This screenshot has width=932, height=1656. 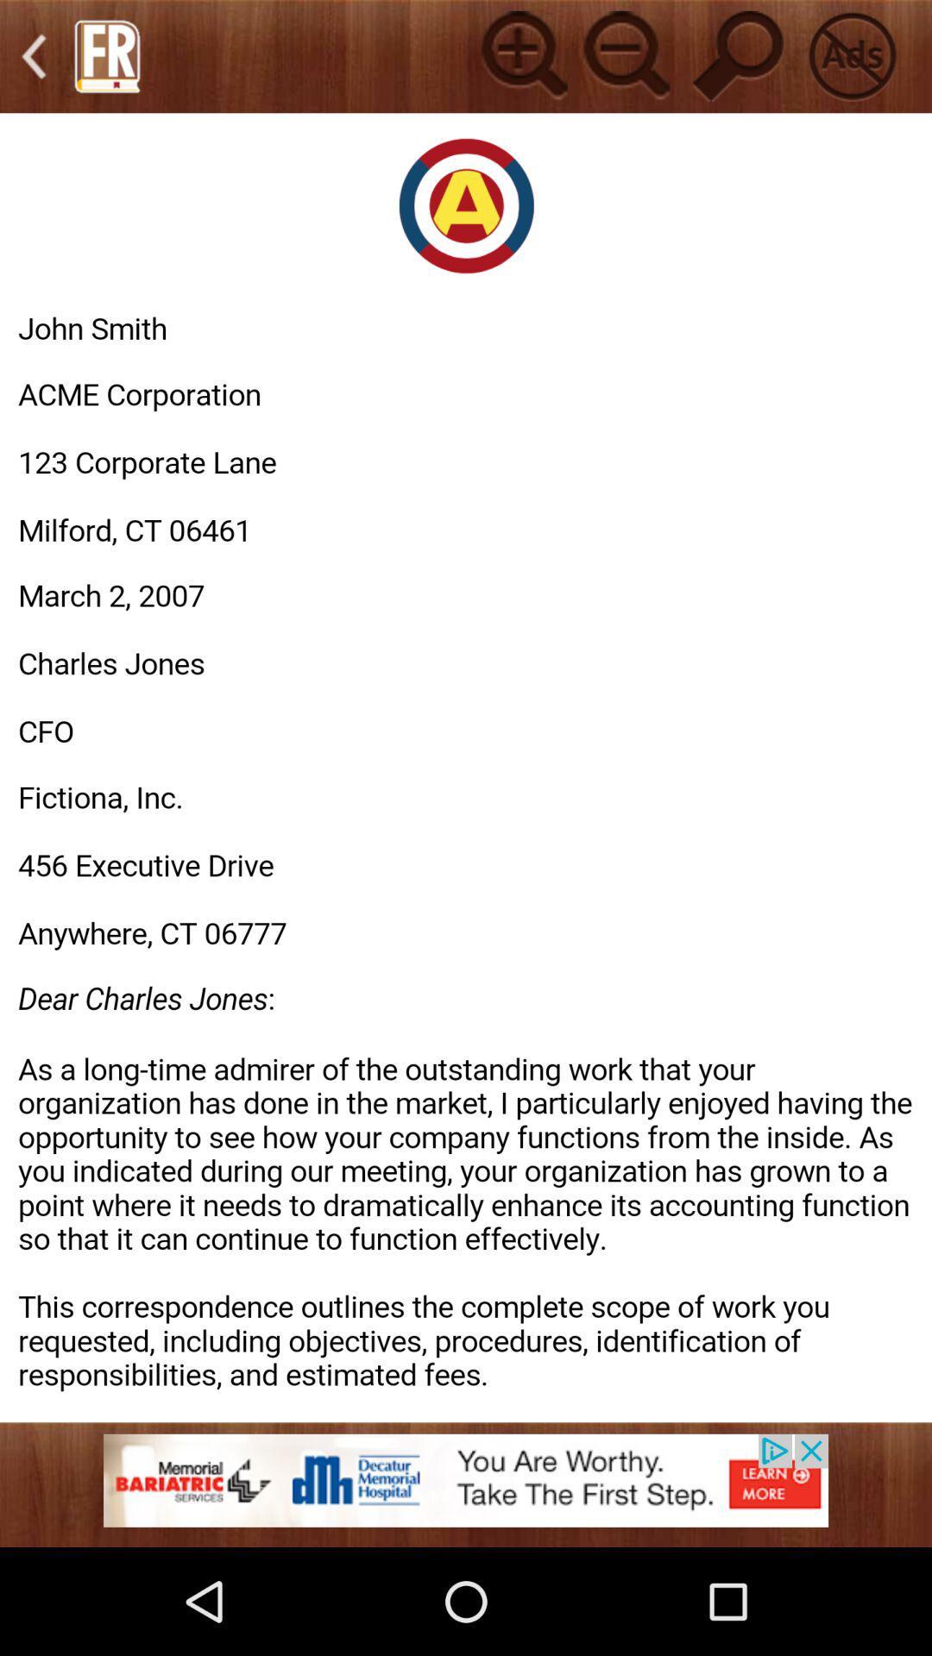 What do you see at coordinates (738, 56) in the screenshot?
I see `for search option` at bounding box center [738, 56].